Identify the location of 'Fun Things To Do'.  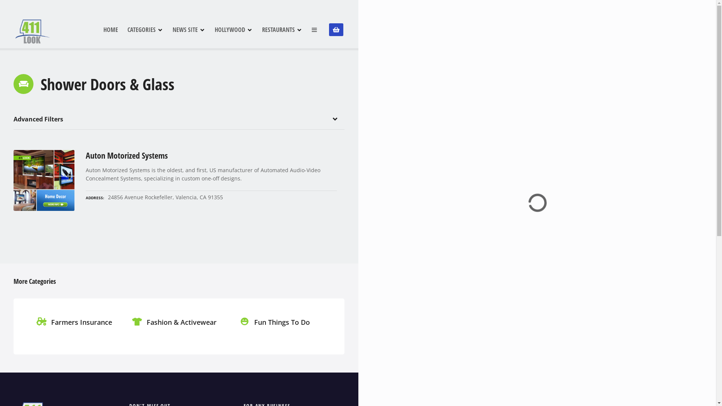
(276, 330).